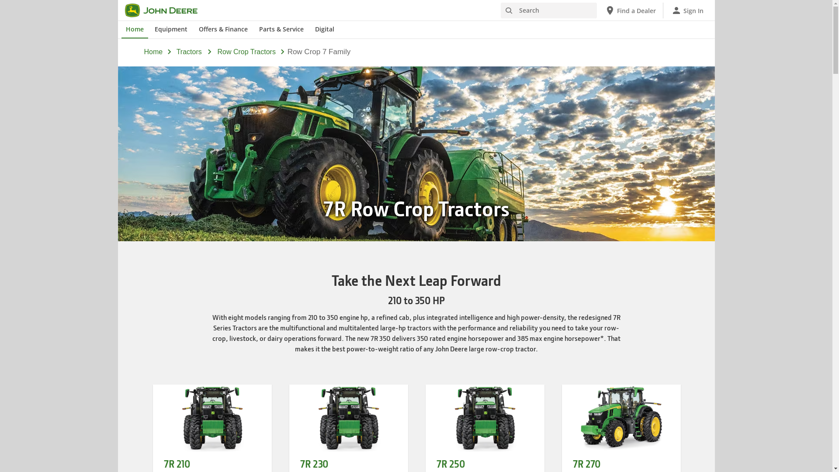 The image size is (839, 472). I want to click on 'Parts & Service', so click(281, 29).